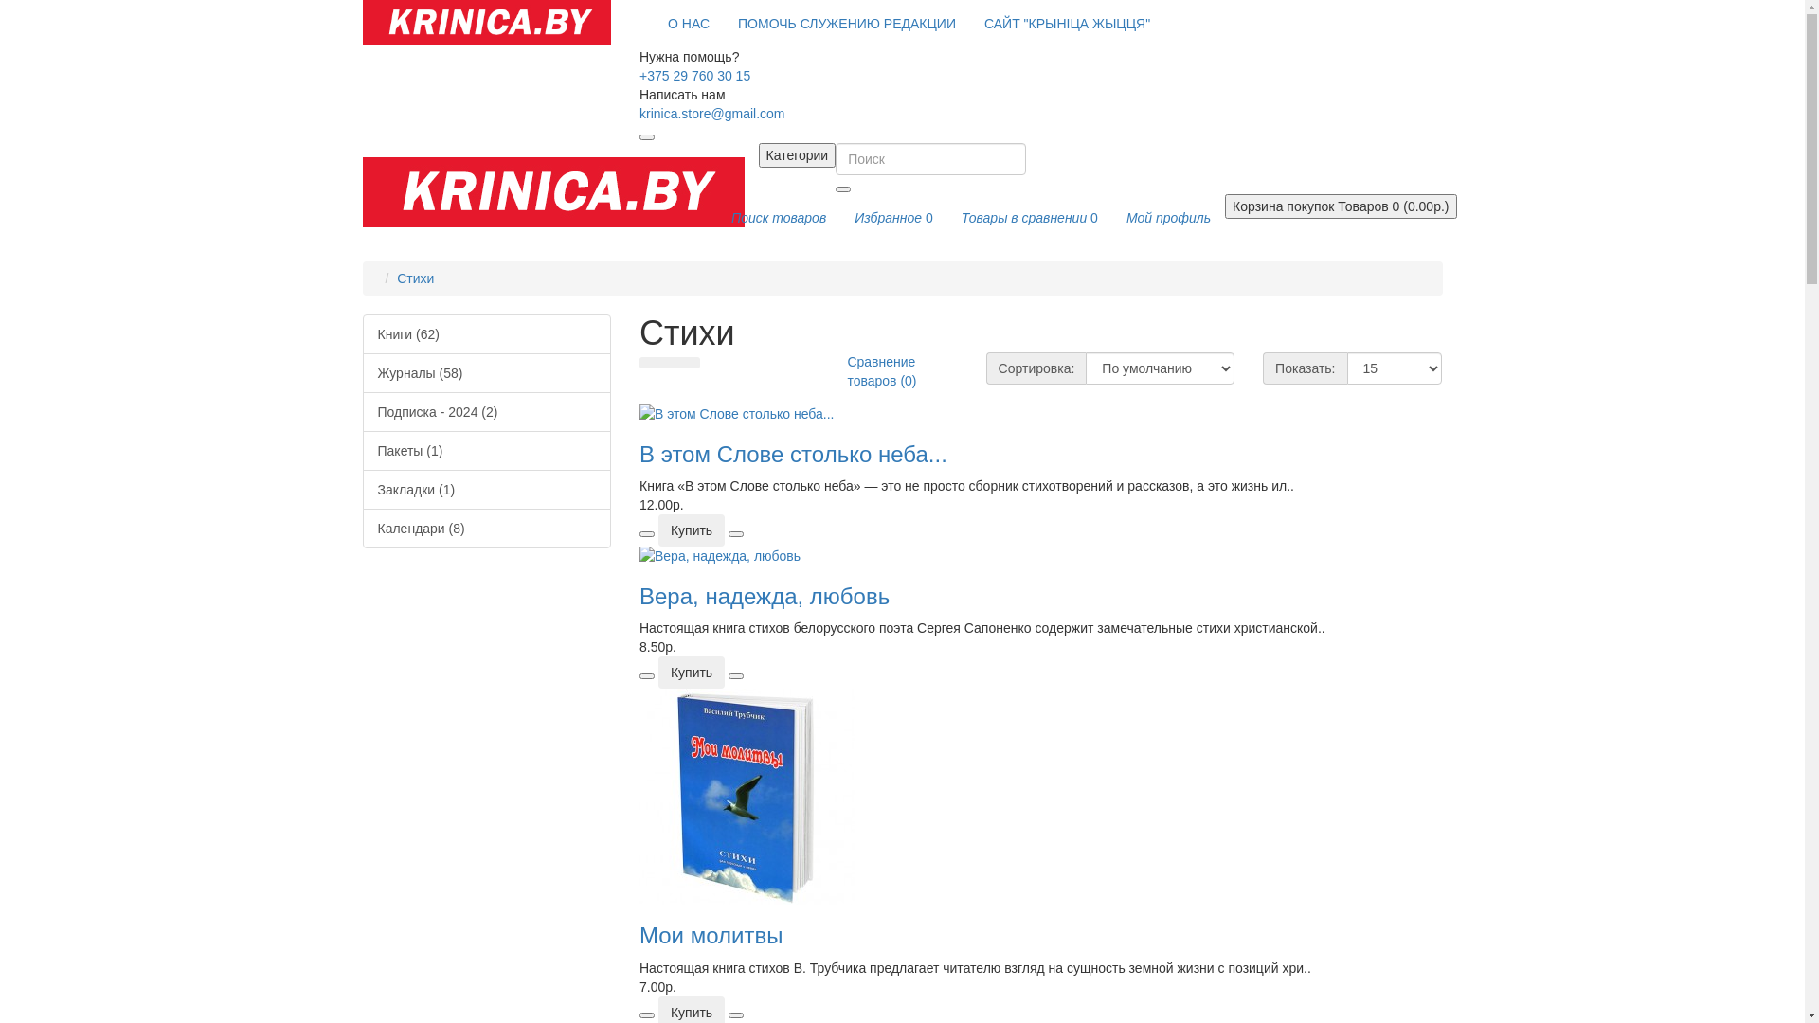 This screenshot has width=1819, height=1023. Describe the element at coordinates (639, 75) in the screenshot. I see `'+375 29 760 30 15'` at that location.